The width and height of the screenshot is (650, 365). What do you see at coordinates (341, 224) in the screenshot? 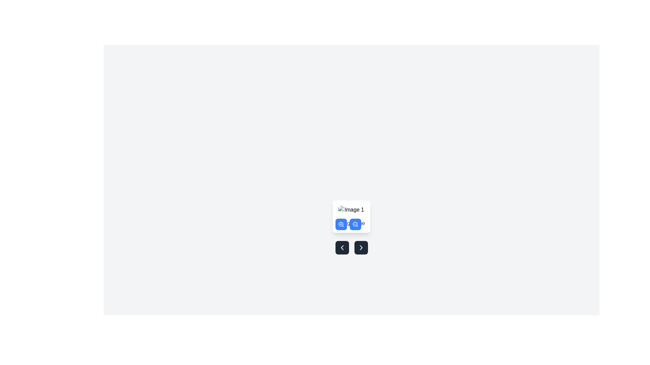
I see `the zoom-in icon, which is a small magnifying glass with a plus sign in the center, located within the blue button at the bottom center of the card` at bounding box center [341, 224].